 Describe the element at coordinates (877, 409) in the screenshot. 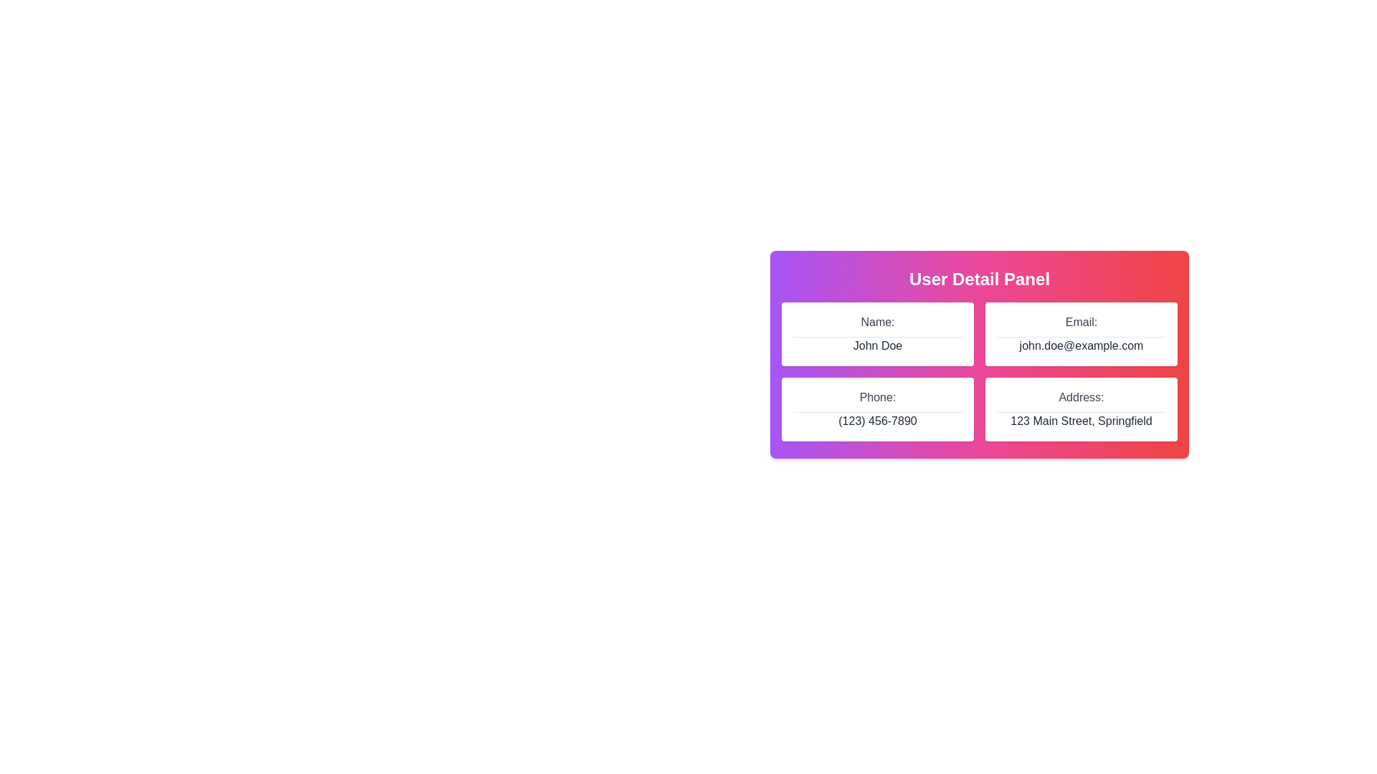

I see `the informational card displaying the phone contact information of a person located in the third grid item of the 'User Detail Panel'` at that location.